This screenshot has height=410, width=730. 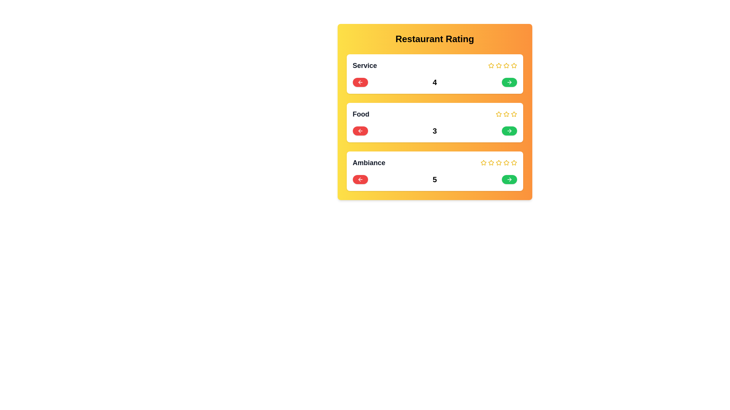 What do you see at coordinates (435, 130) in the screenshot?
I see `the static text element displaying the number '3' in bold font, located in the 'Food' section between a red button and a group of stars` at bounding box center [435, 130].